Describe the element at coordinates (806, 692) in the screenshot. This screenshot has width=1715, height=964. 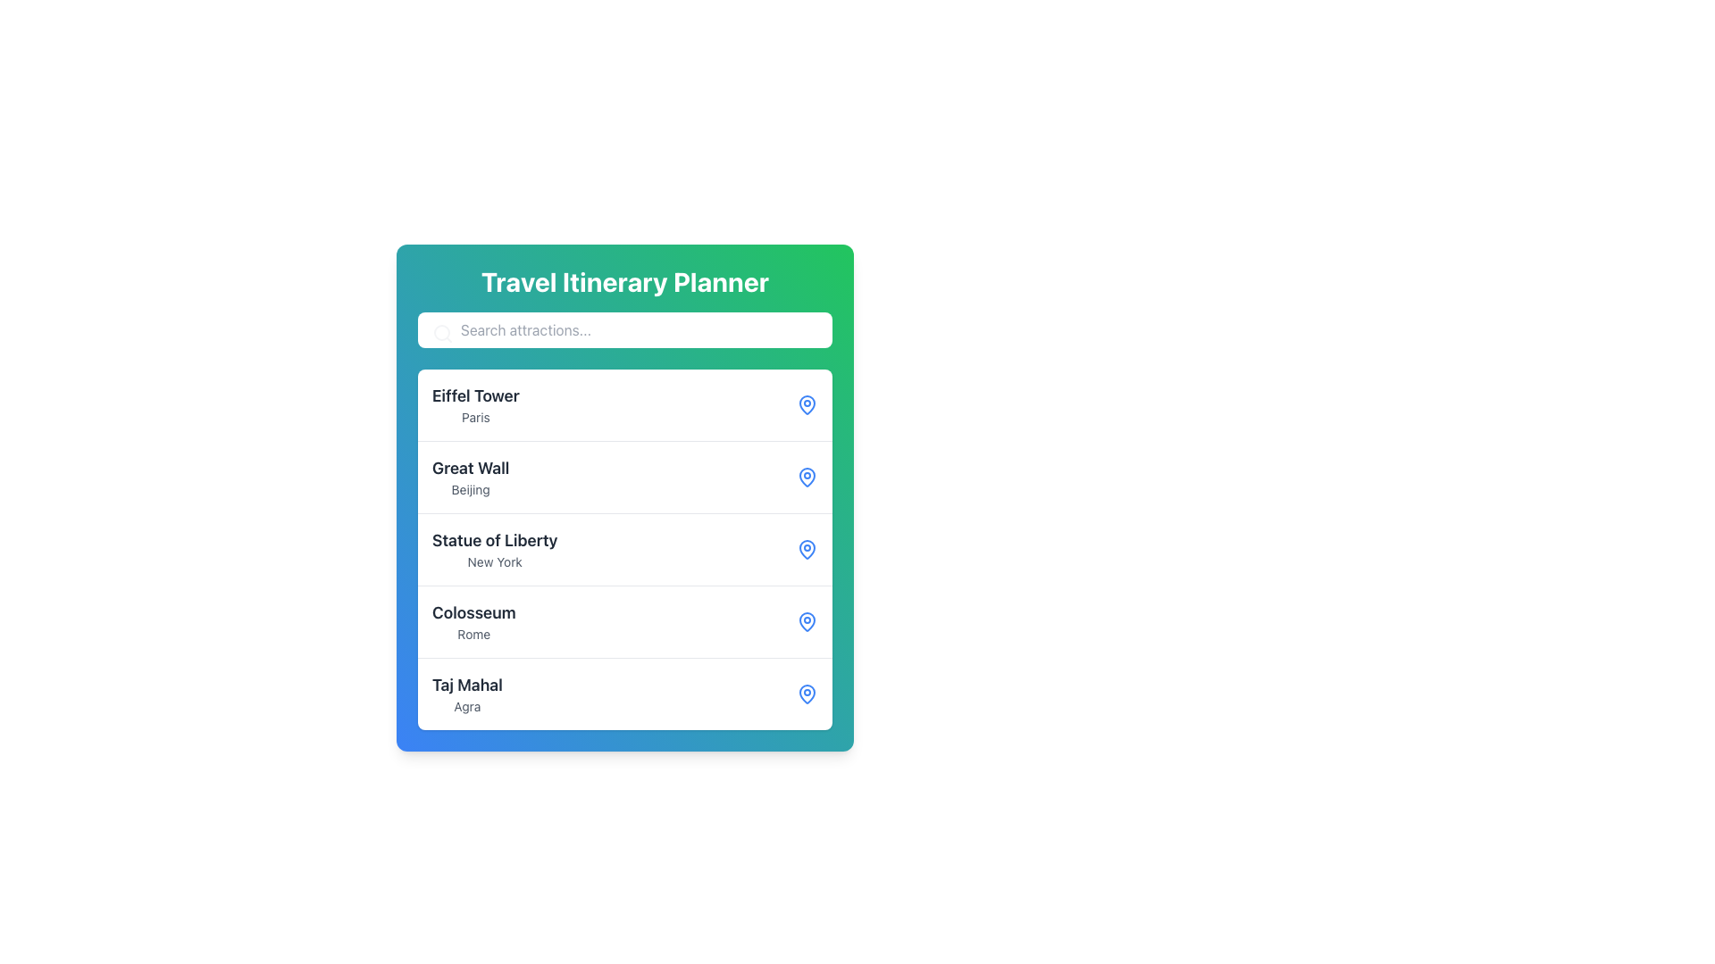
I see `the bottom part of the pin icon representing the location of 'Taj Mahal' in the list` at that location.